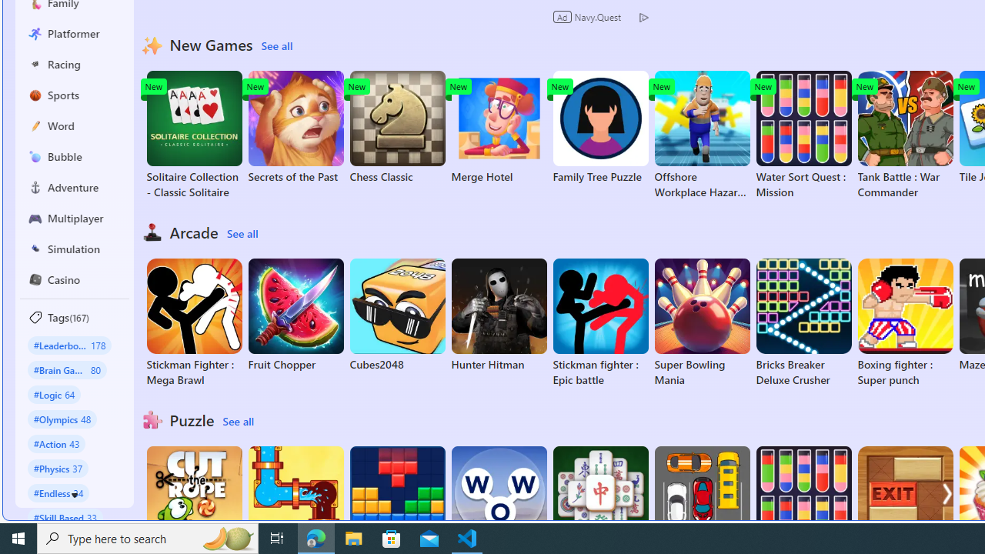 The image size is (985, 554). What do you see at coordinates (397, 315) in the screenshot?
I see `'Cubes2048'` at bounding box center [397, 315].